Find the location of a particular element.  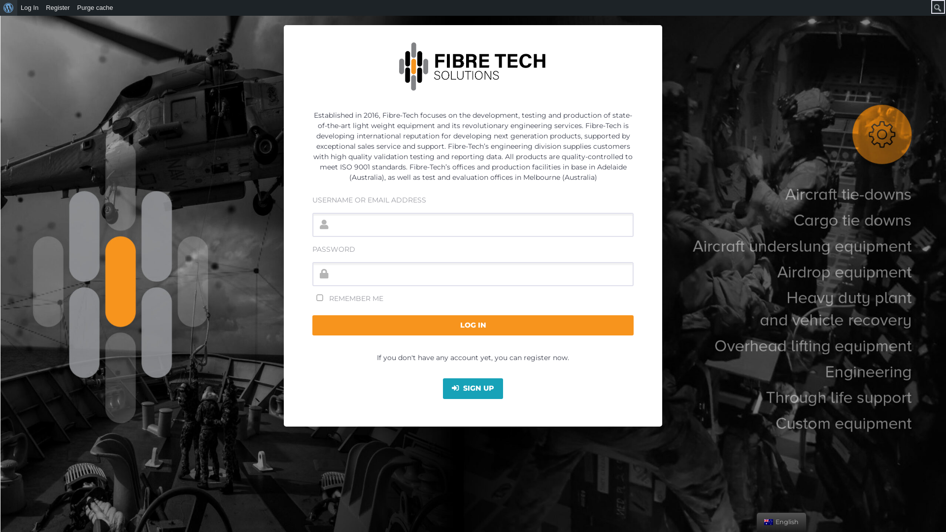

'English' is located at coordinates (768, 522).